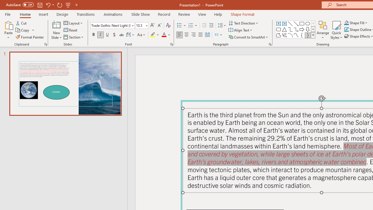  I want to click on 'Shape Fill Aqua, Accent 2', so click(346, 22).